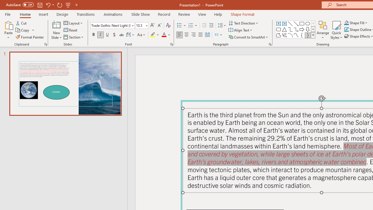  I want to click on 'Shape Fill Aqua, Accent 2', so click(346, 22).